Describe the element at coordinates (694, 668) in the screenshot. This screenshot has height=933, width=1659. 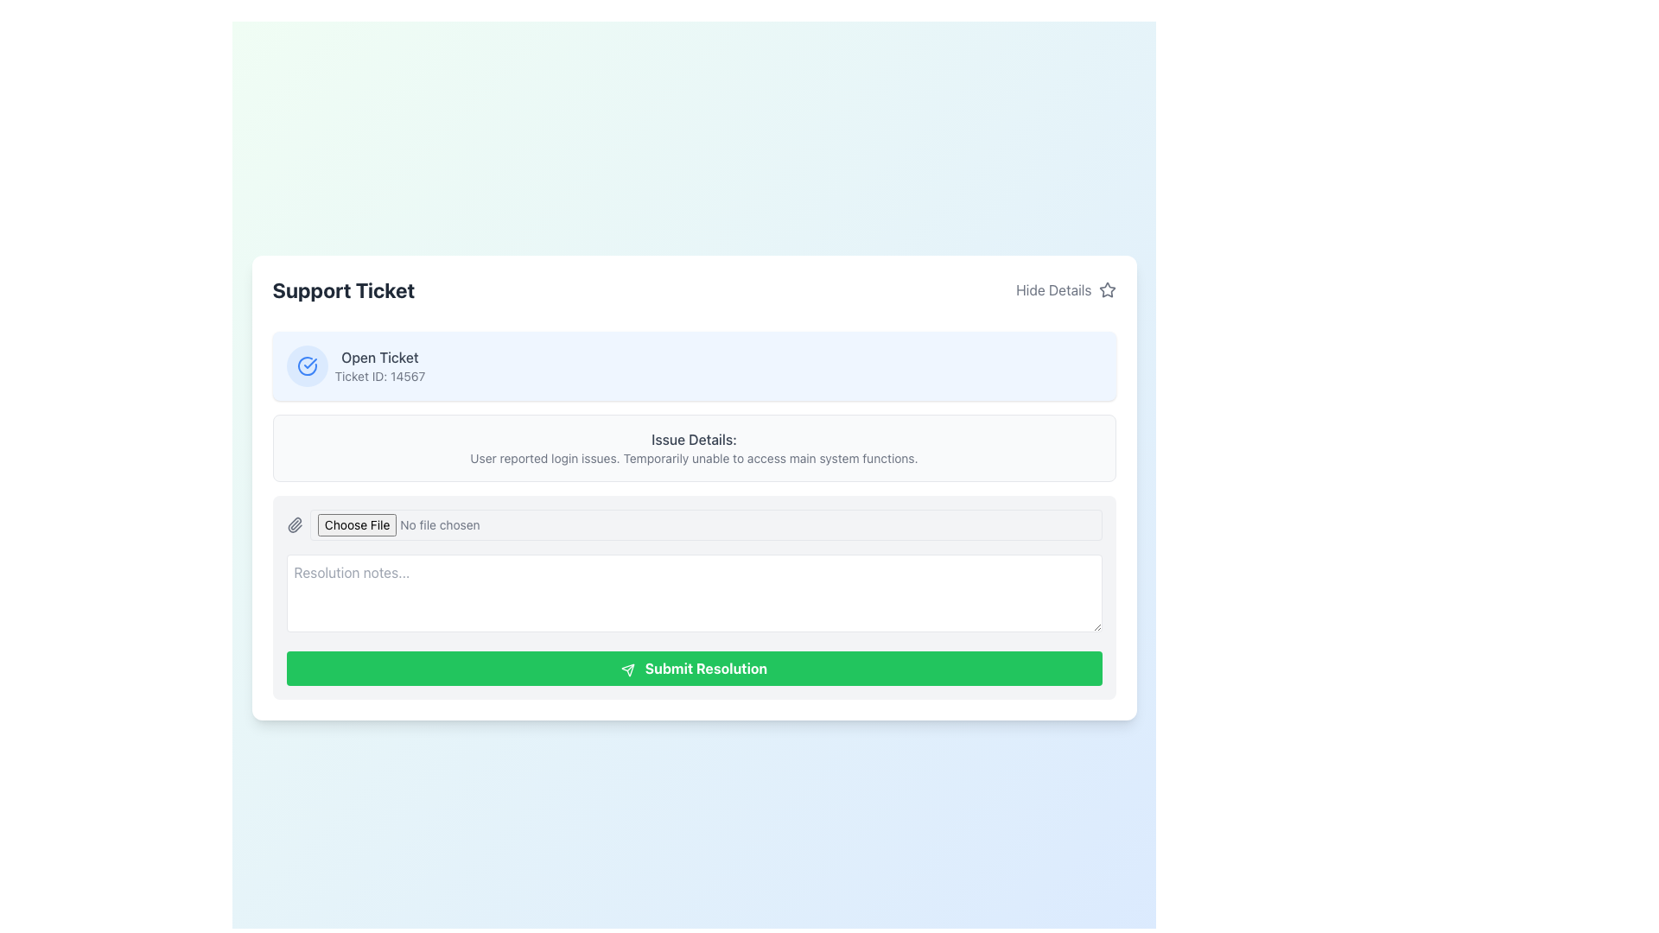
I see `the green 'Submit Resolution' button with a paper plane icon and white text to trigger hover effects` at that location.